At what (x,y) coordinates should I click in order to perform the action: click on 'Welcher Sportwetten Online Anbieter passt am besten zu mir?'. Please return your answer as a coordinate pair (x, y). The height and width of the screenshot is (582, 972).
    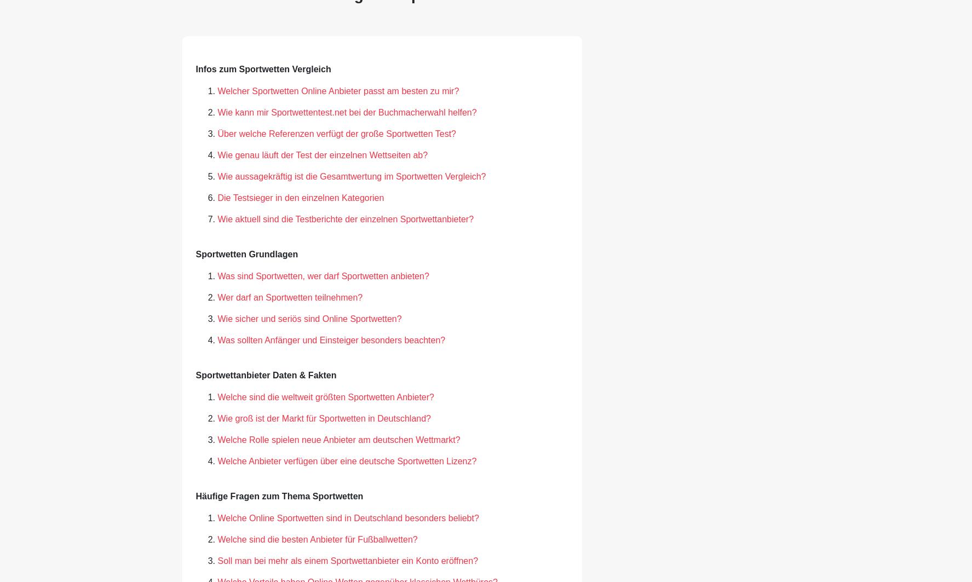
    Looking at the image, I should click on (338, 90).